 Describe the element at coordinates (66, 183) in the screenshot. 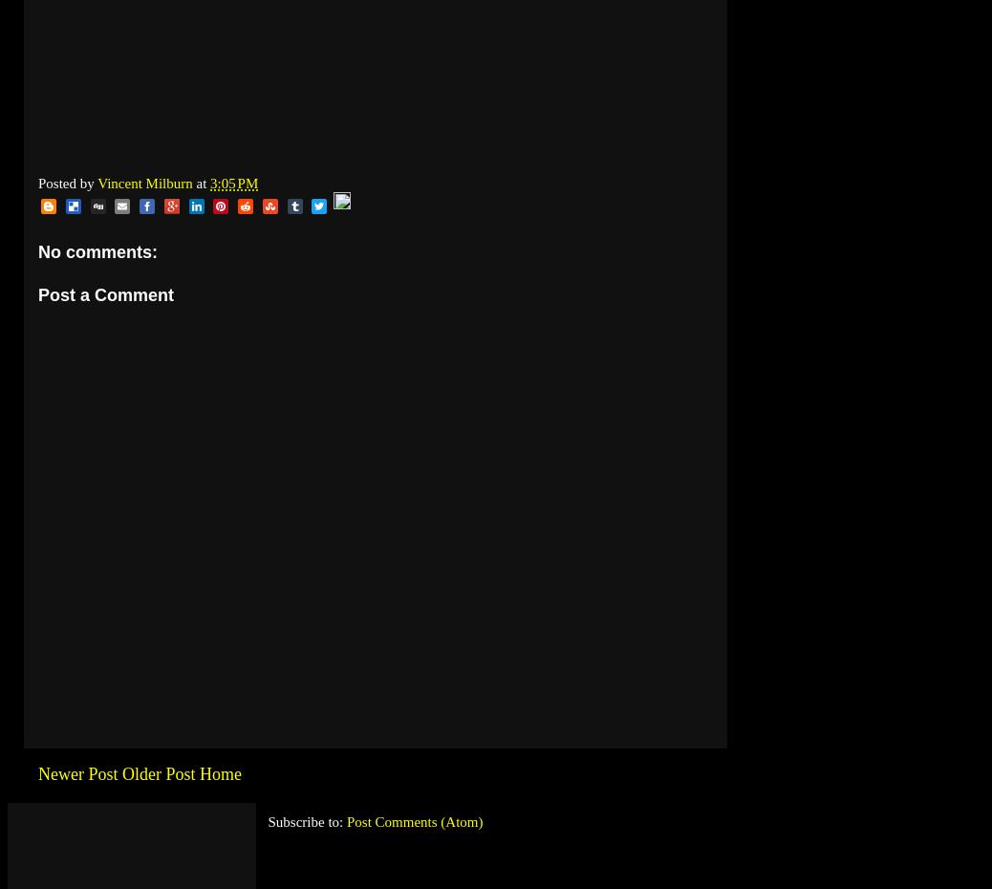

I see `'Posted by'` at that location.